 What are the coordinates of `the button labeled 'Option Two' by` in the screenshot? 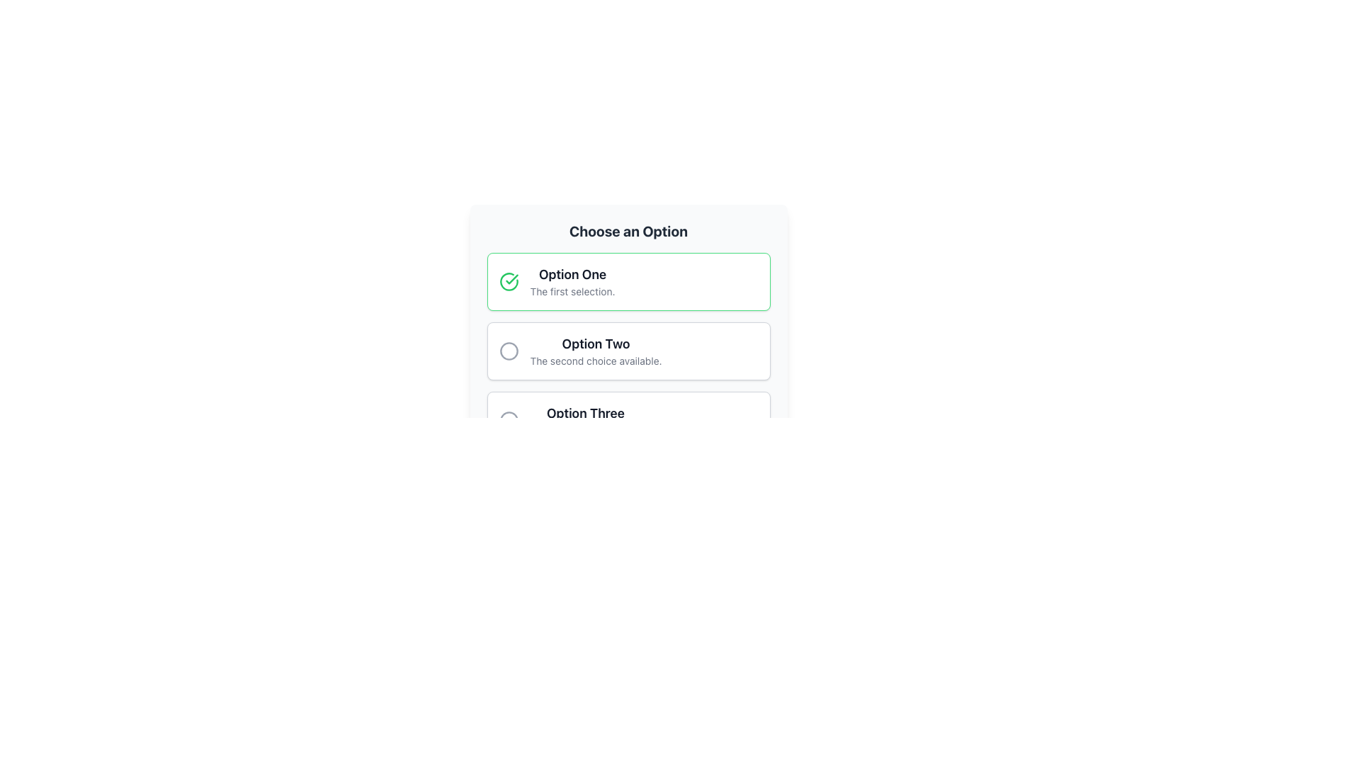 It's located at (628, 351).